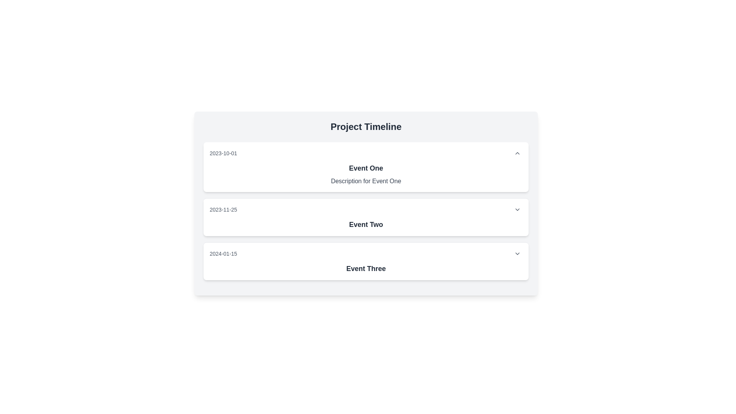  What do you see at coordinates (366, 168) in the screenshot?
I see `the static text that serves as a title or header for the event on the date '2023-10-01', which is positioned above the descriptive text 'Description for Event One'` at bounding box center [366, 168].